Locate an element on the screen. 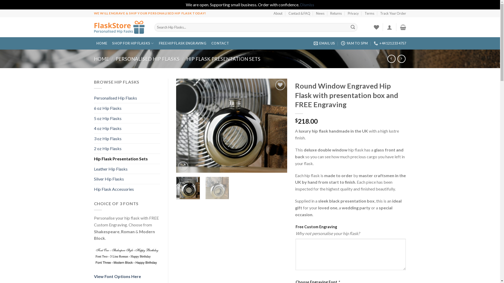 Image resolution: width=504 pixels, height=283 pixels. 'HOME' is located at coordinates (102, 43).